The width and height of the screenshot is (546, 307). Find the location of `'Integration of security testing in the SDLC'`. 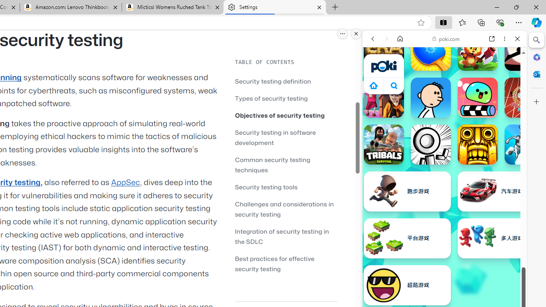

'Integration of security testing in the SDLC' is located at coordinates (282, 236).